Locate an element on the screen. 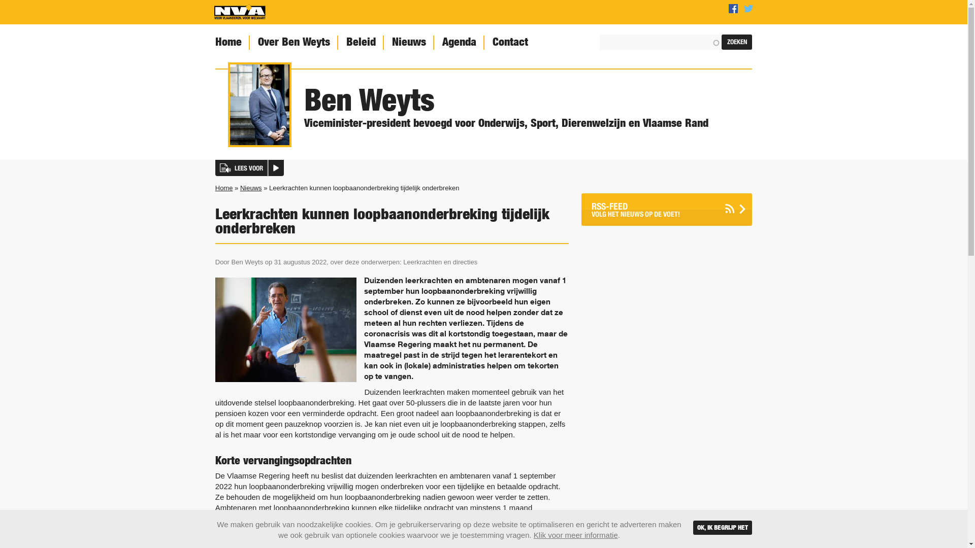 The height and width of the screenshot is (548, 975). 'LEES VOOR' is located at coordinates (249, 167).